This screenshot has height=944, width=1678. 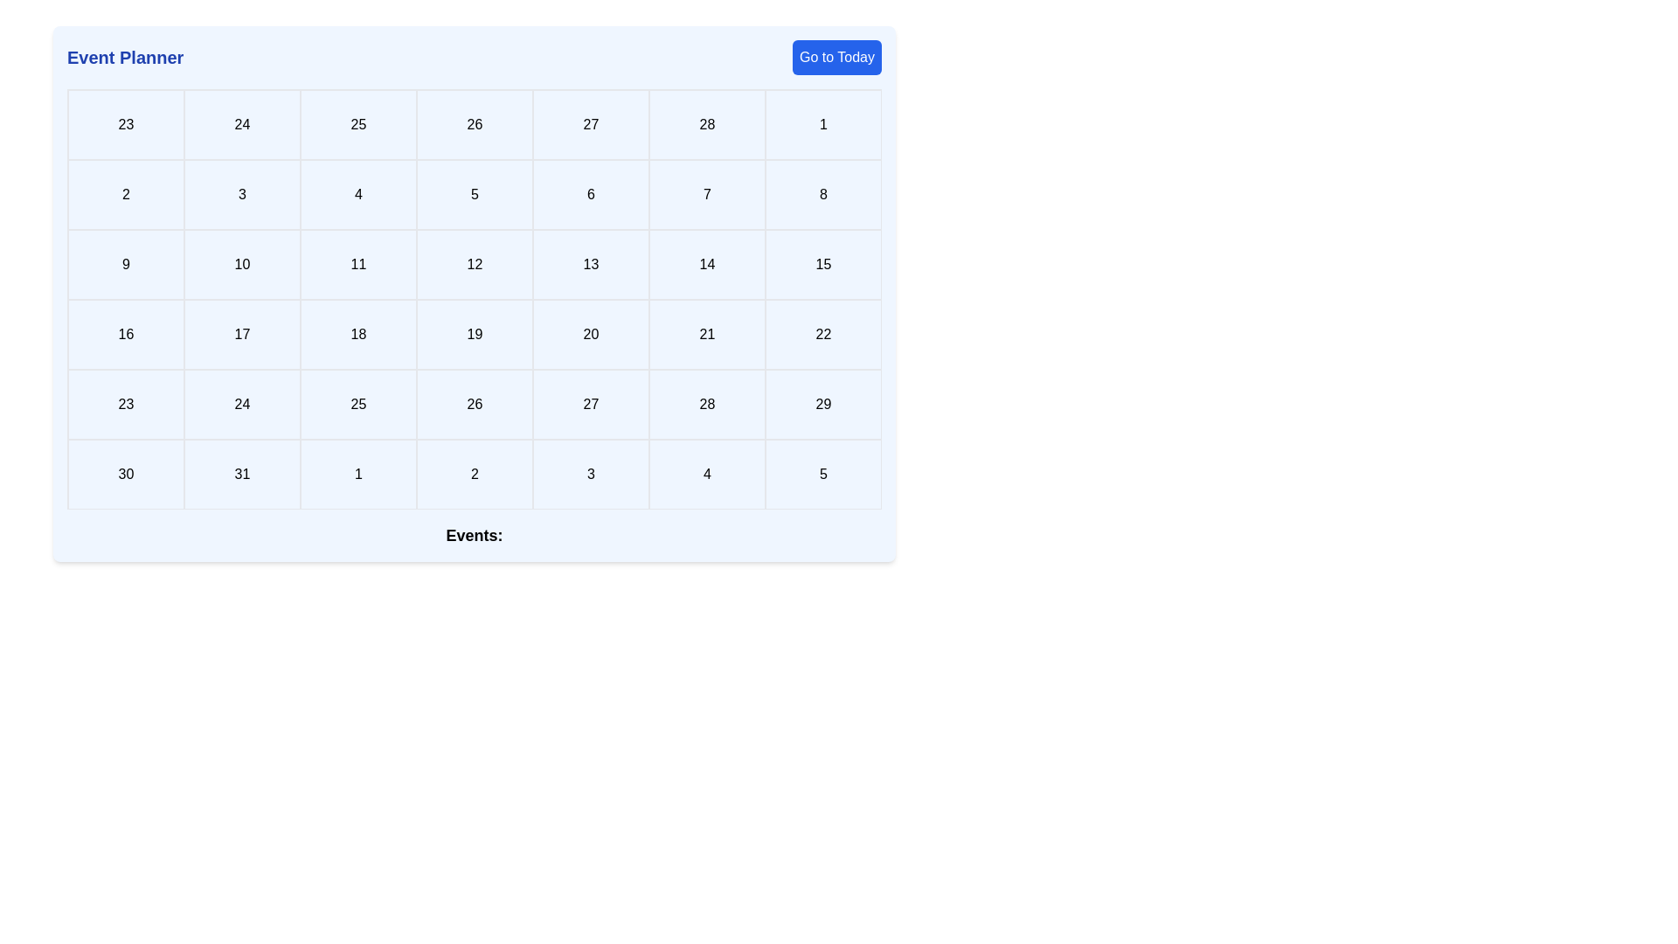 I want to click on the grid cell containing the text '26', so click(x=475, y=123).